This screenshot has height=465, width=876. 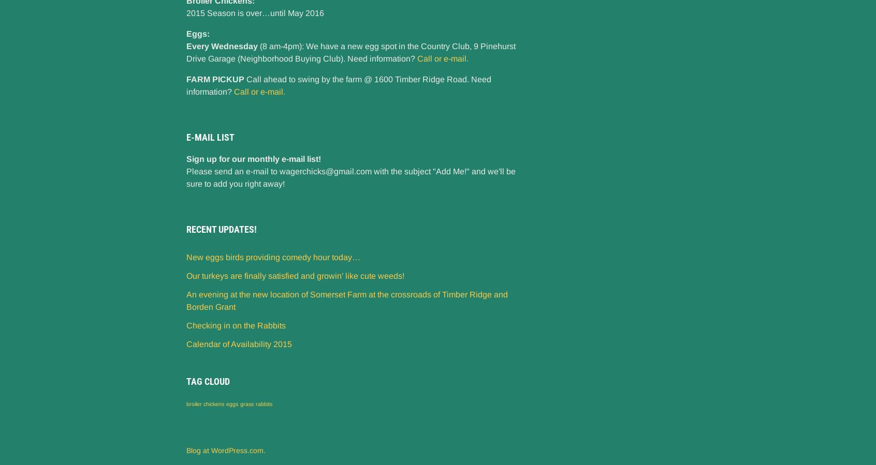 What do you see at coordinates (339, 85) in the screenshot?
I see `'Call ahead to swing by the farm @ 1600 Timber Ridge Road. Need information?'` at bounding box center [339, 85].